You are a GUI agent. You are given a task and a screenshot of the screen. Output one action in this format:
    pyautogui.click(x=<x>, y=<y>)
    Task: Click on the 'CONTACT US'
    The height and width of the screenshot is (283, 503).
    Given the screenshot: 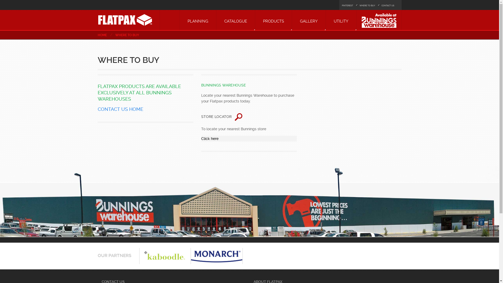 What is the action you would take?
    pyautogui.click(x=388, y=6)
    